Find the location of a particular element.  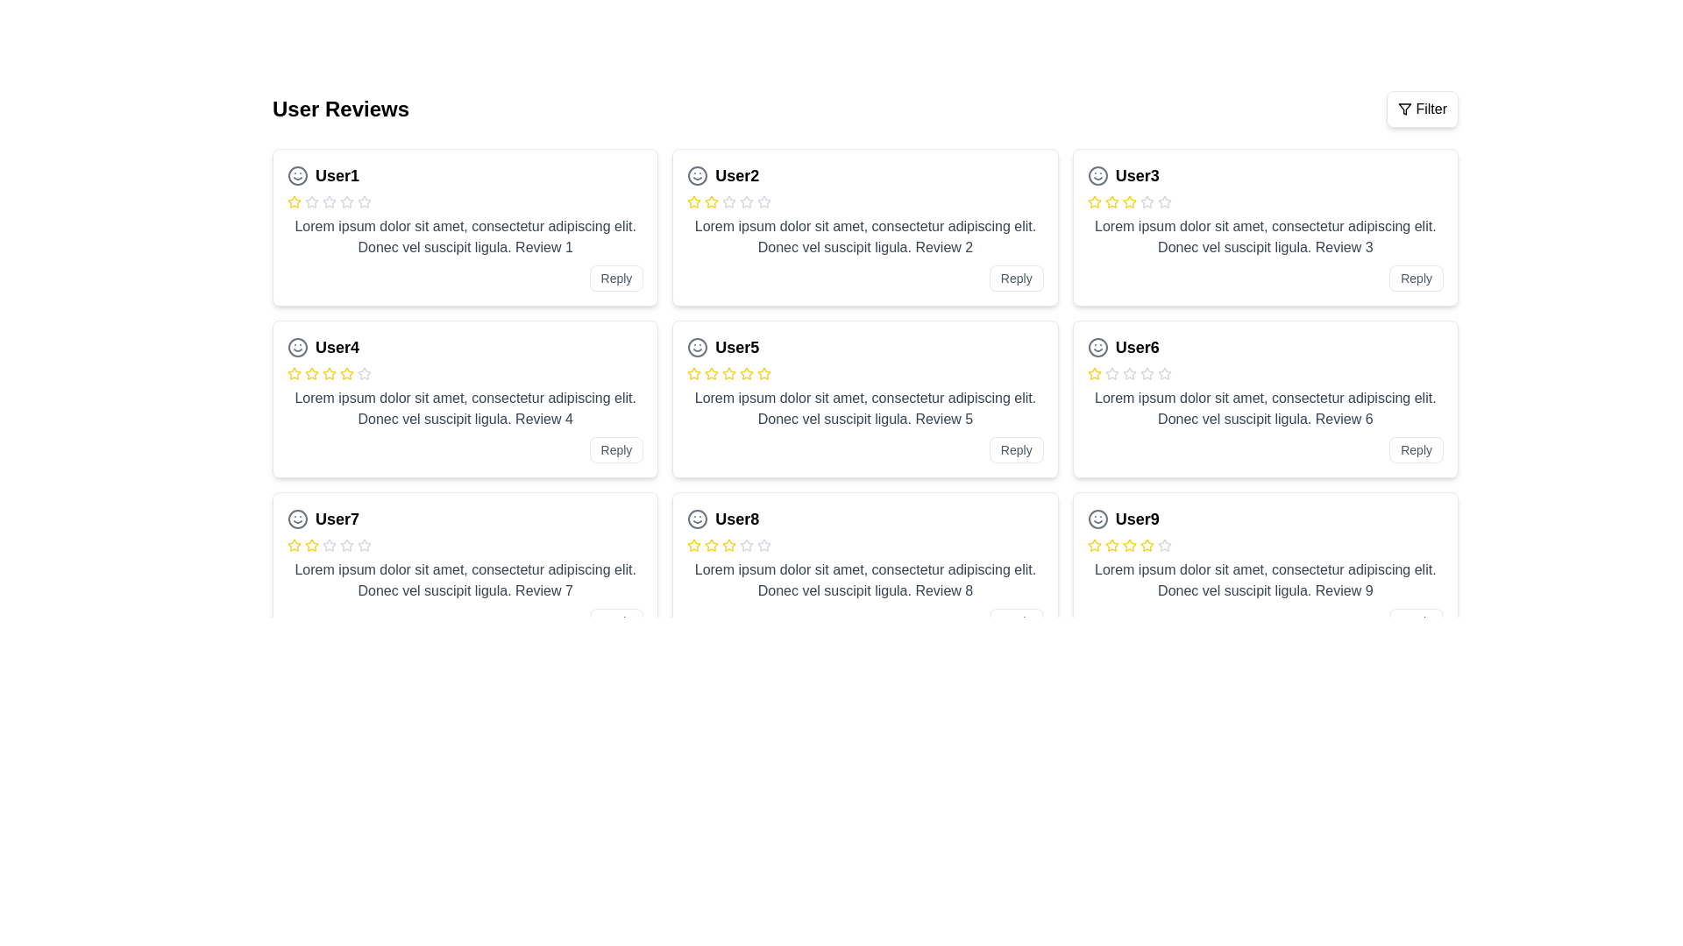

the third star in the rating system for 'User8' is located at coordinates (729, 544).